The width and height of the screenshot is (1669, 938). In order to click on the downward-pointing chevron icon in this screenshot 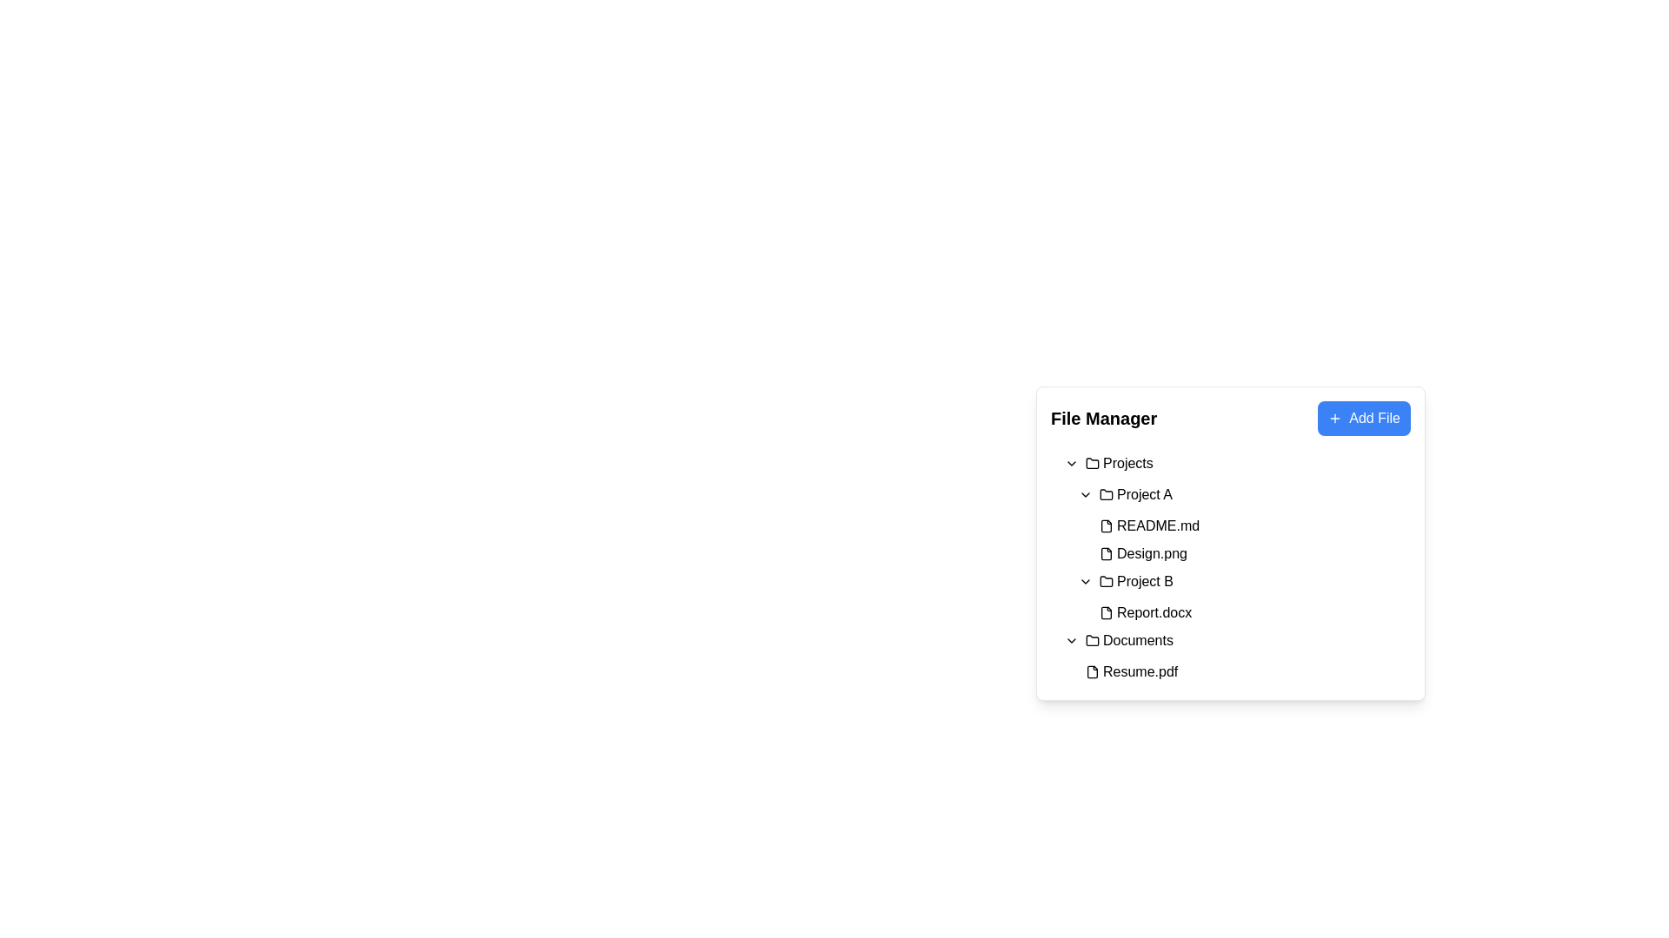, I will do `click(1071, 462)`.